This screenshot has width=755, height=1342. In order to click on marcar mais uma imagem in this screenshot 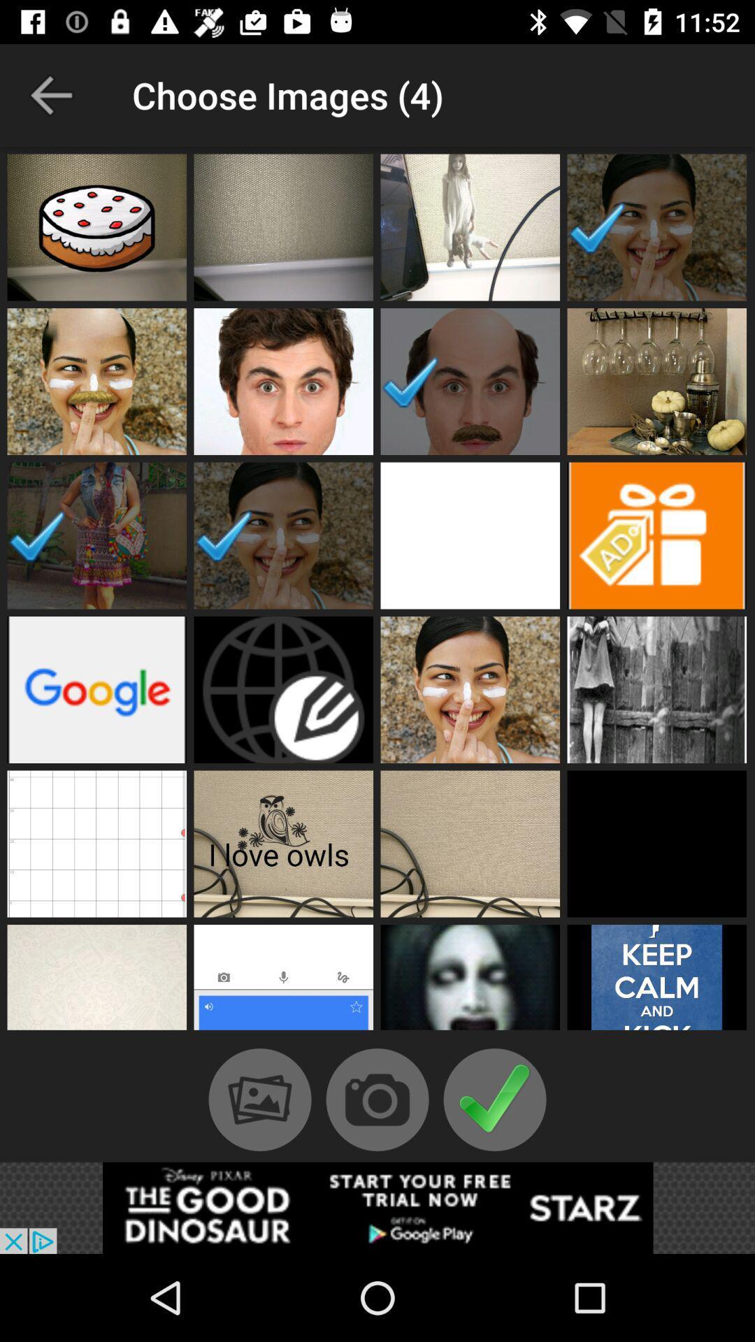, I will do `click(96, 227)`.